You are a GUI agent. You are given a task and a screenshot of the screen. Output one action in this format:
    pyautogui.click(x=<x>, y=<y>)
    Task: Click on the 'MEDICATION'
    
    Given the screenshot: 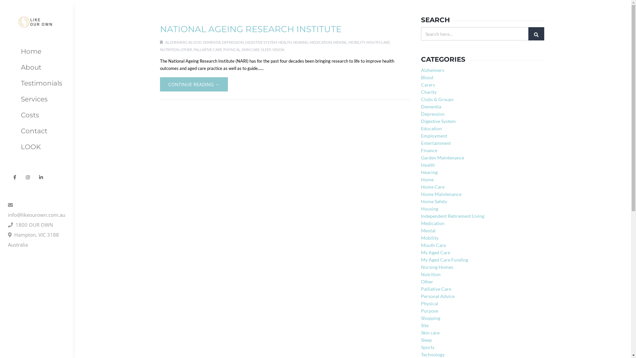 What is the action you would take?
    pyautogui.click(x=320, y=42)
    